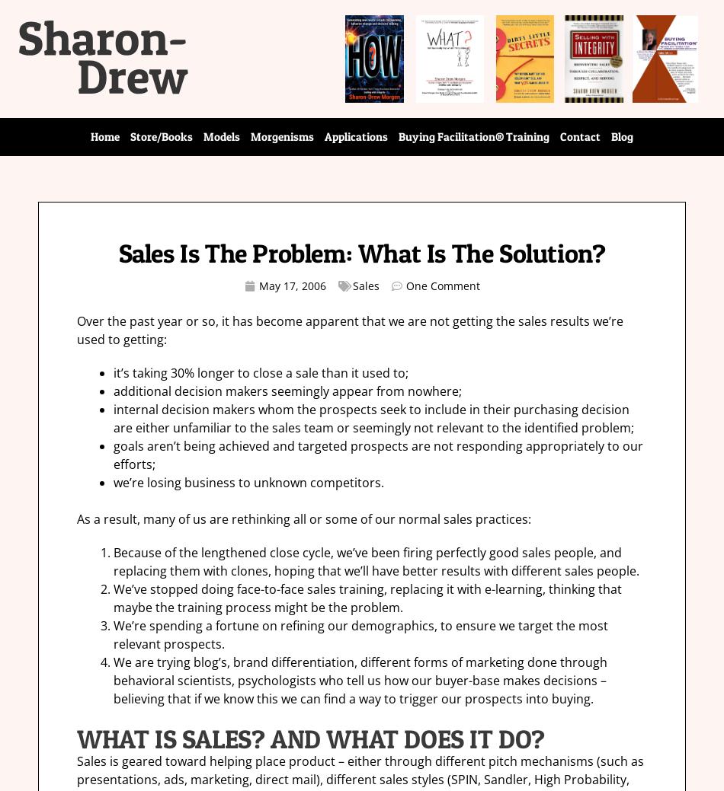 This screenshot has width=724, height=791. What do you see at coordinates (360, 680) in the screenshot?
I see `'We are trying blog’s, brand differentiation, different forms of marketing done through behavioral scientists, psychologists who tell us how our buyer-base makes decisions – believing that if we know this we can find a way to trigger our prospects into buying.'` at bounding box center [360, 680].